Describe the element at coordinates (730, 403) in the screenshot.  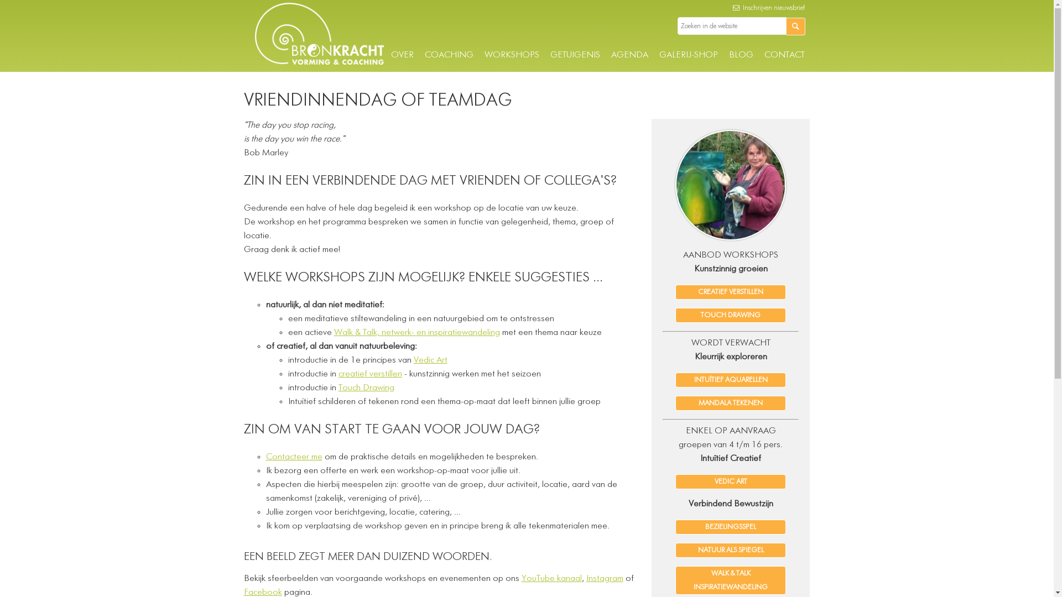
I see `'MANDALA TEKENEN'` at that location.